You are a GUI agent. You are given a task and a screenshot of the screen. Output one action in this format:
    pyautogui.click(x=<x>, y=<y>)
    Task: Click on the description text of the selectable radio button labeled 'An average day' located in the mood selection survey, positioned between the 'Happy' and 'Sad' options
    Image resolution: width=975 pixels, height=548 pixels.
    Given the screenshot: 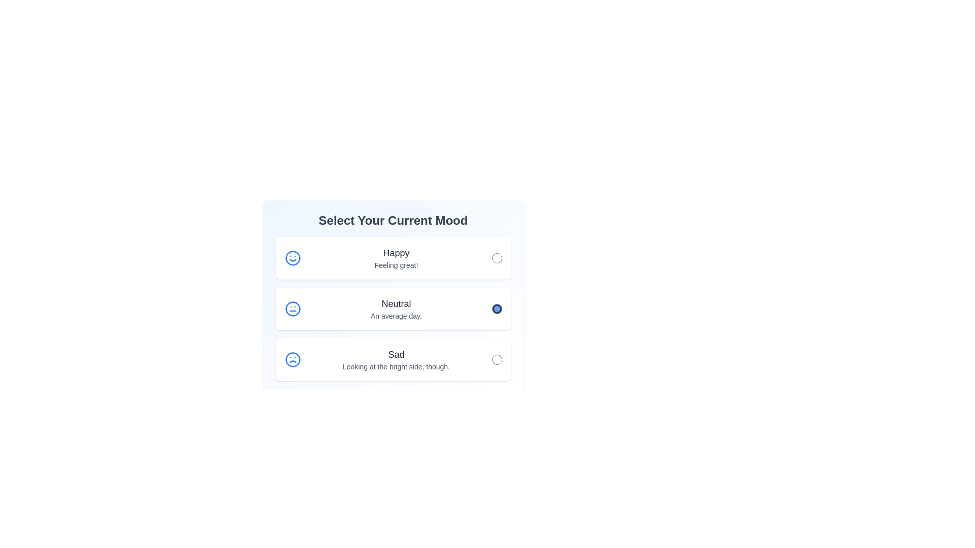 What is the action you would take?
    pyautogui.click(x=393, y=309)
    